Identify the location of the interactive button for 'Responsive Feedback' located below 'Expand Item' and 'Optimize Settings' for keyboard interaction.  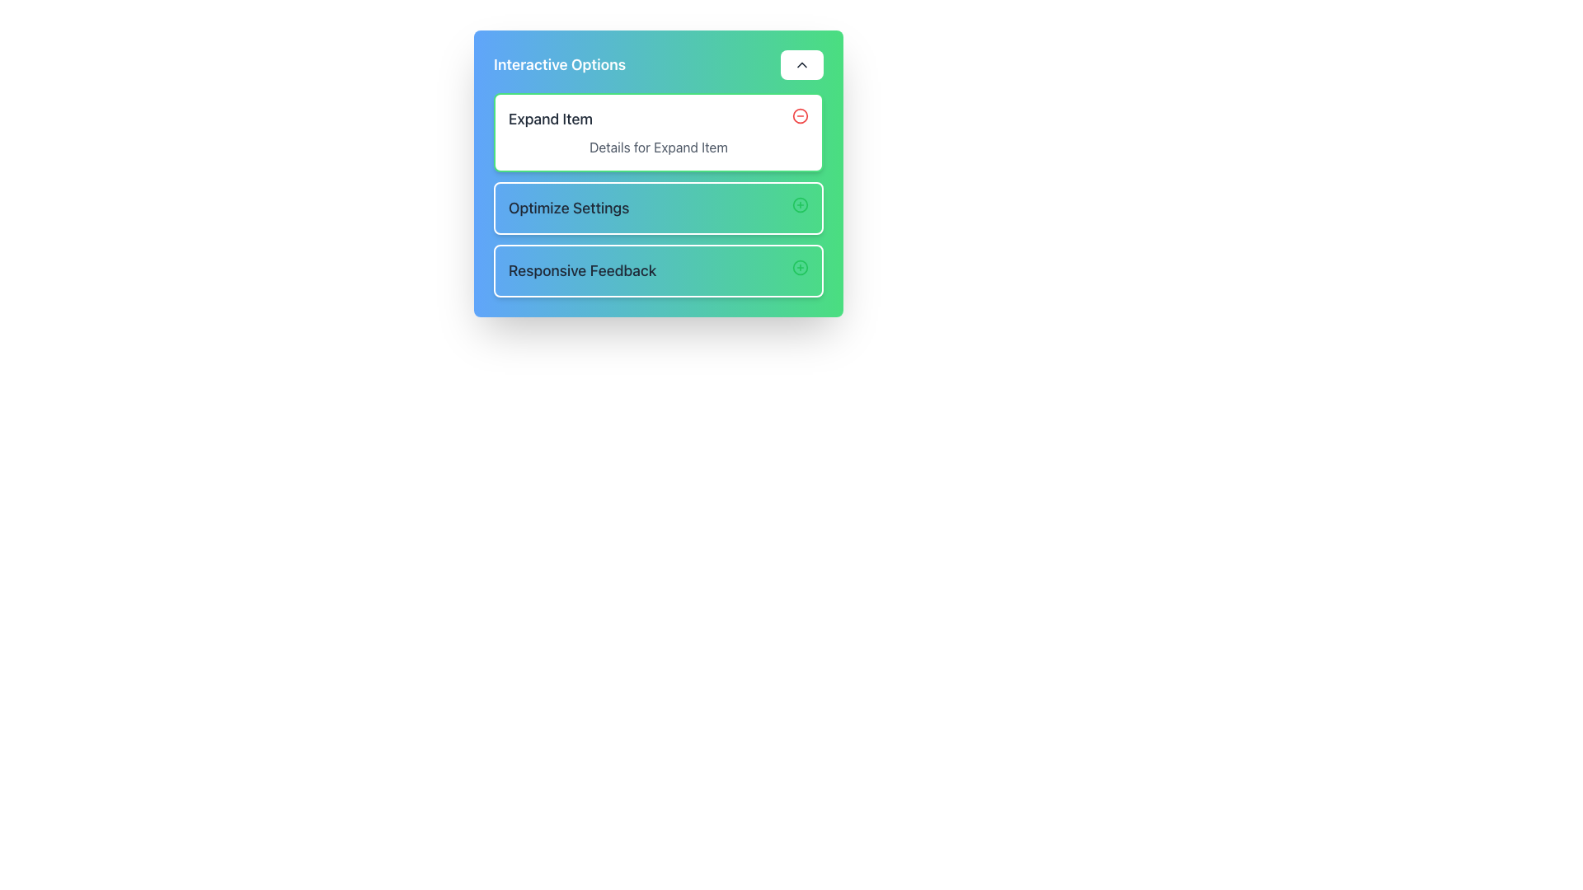
(657, 269).